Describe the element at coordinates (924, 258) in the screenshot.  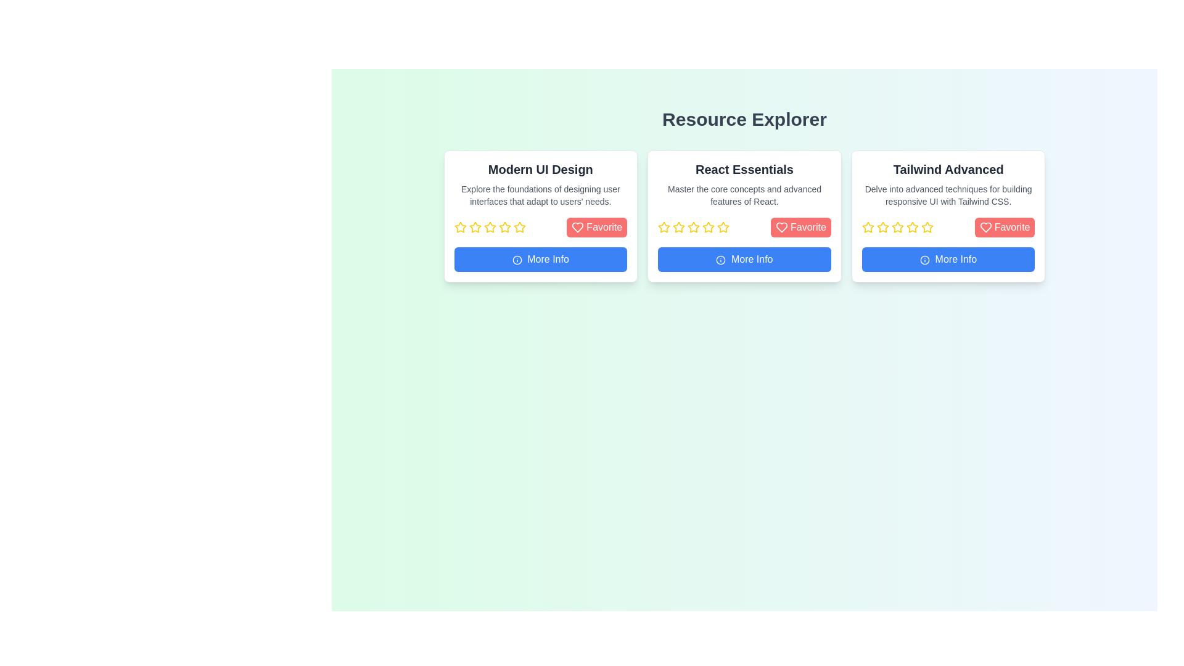
I see `the small circular icon with a blue outline and a white interior containing an 'i' symbol, located on the rightmost card within the 'More Info' button` at that location.